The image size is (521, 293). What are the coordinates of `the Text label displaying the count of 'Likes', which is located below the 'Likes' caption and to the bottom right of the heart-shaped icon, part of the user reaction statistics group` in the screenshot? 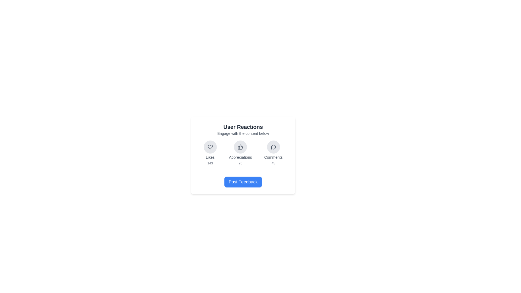 It's located at (210, 163).